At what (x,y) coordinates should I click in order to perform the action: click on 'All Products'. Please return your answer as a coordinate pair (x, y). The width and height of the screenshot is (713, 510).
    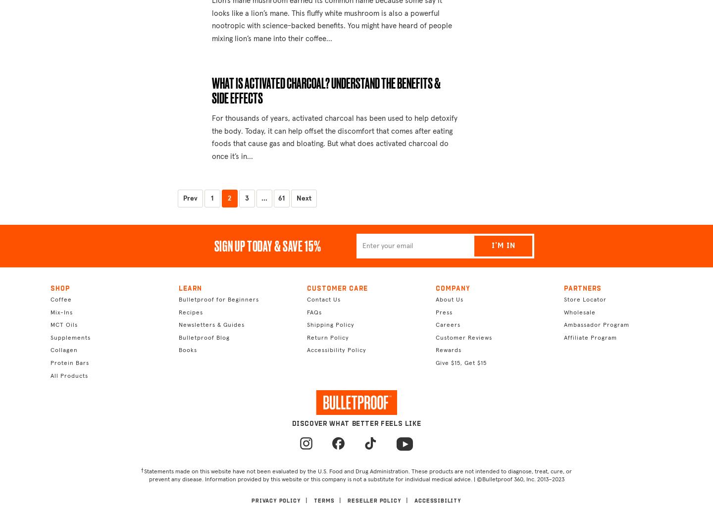
    Looking at the image, I should click on (68, 376).